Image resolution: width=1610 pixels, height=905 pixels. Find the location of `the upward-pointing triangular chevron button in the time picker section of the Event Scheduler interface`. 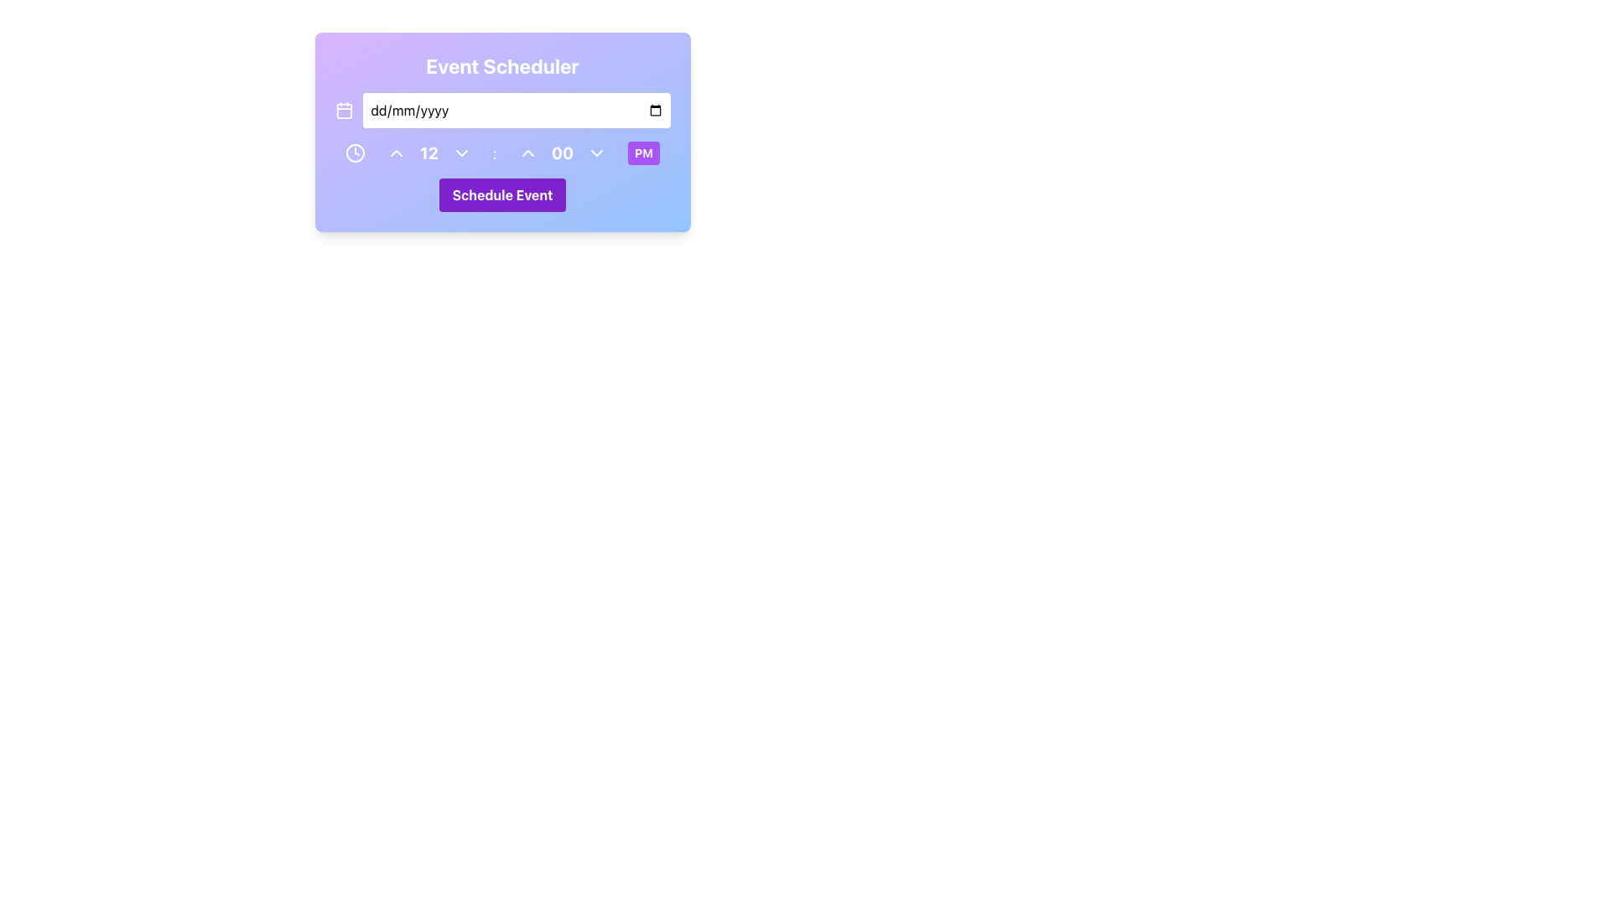

the upward-pointing triangular chevron button in the time picker section of the Event Scheduler interface is located at coordinates (527, 153).